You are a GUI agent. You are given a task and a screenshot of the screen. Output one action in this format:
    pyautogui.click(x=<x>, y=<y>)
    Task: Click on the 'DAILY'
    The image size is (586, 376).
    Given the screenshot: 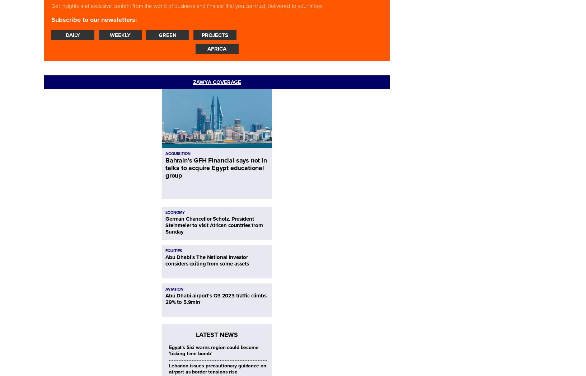 What is the action you would take?
    pyautogui.click(x=72, y=34)
    